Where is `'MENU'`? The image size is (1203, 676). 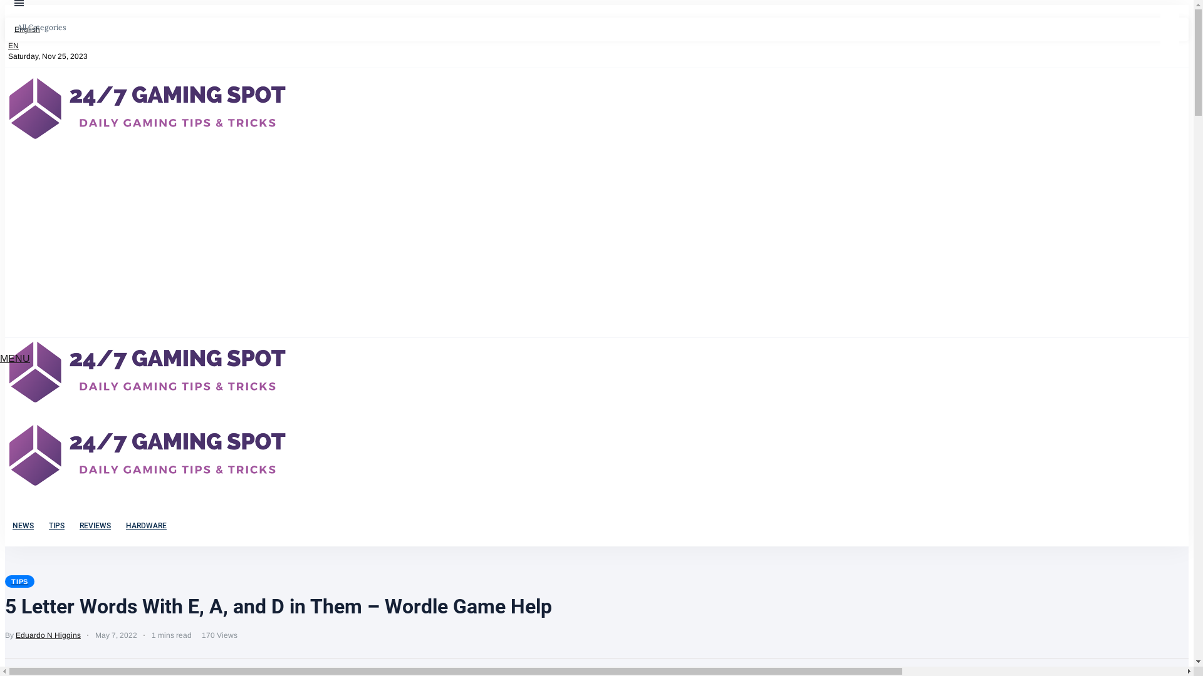
'MENU' is located at coordinates (15, 358).